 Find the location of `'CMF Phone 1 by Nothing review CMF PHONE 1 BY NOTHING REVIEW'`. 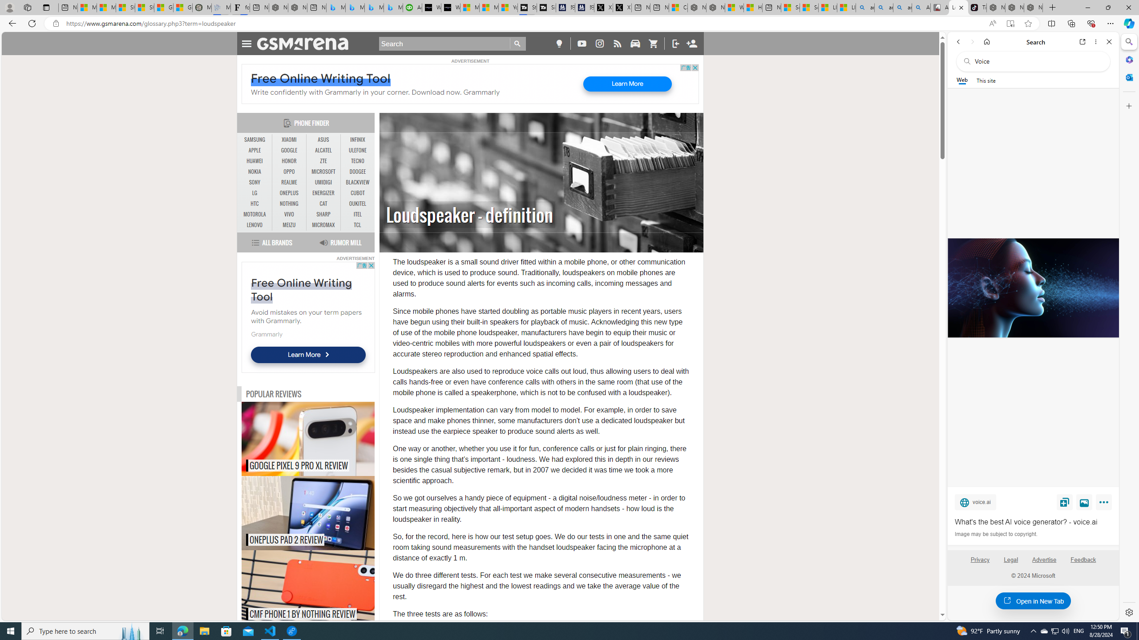

'CMF Phone 1 by Nothing review CMF PHONE 1 BY NOTHING REVIEW' is located at coordinates (308, 587).